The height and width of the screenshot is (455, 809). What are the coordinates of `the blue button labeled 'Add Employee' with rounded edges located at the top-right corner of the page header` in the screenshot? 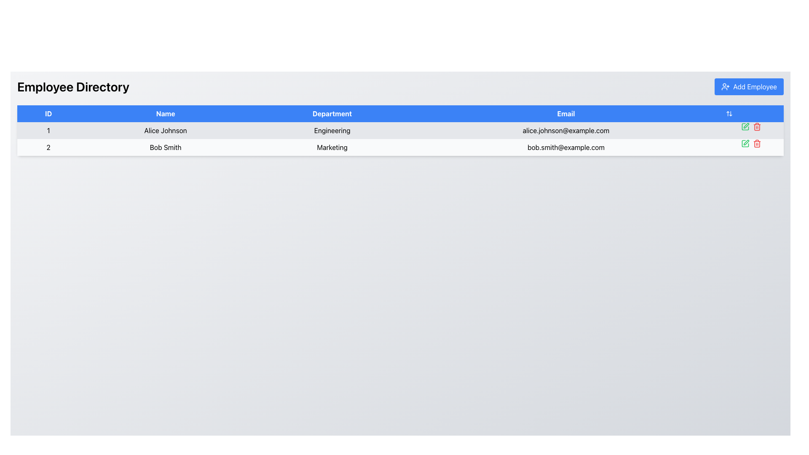 It's located at (749, 86).